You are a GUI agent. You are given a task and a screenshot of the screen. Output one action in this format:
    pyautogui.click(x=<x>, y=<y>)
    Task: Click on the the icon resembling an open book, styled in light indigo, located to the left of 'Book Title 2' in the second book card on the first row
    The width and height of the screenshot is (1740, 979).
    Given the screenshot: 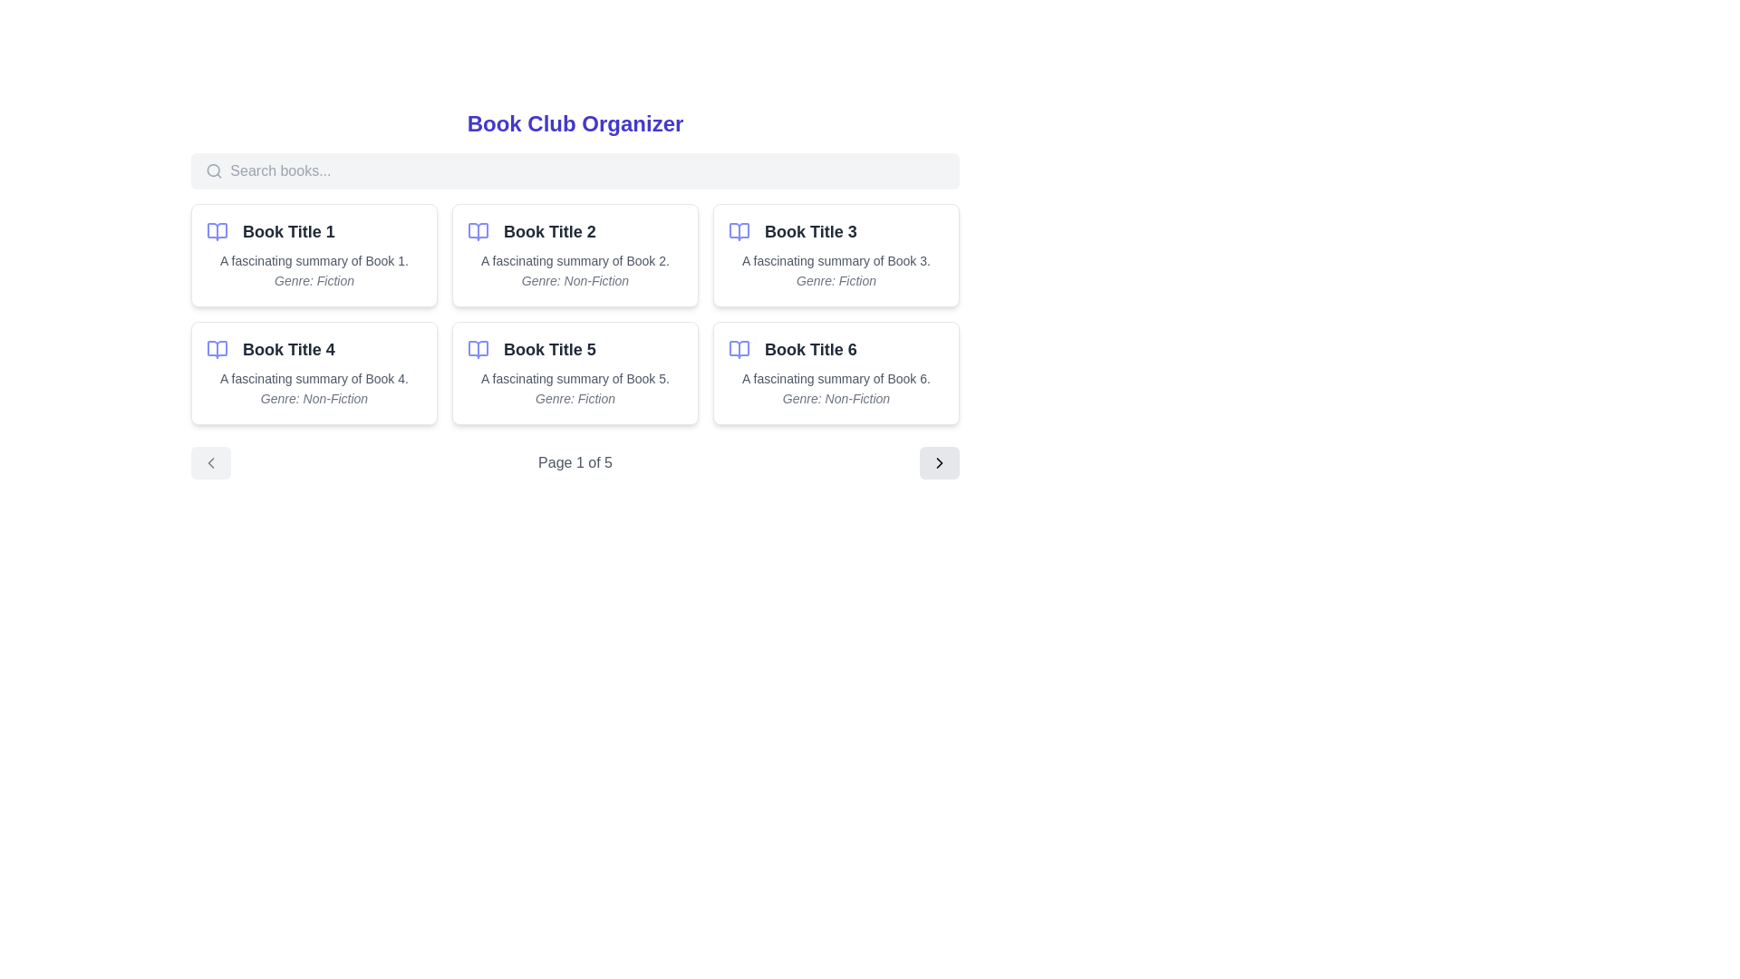 What is the action you would take?
    pyautogui.click(x=478, y=230)
    